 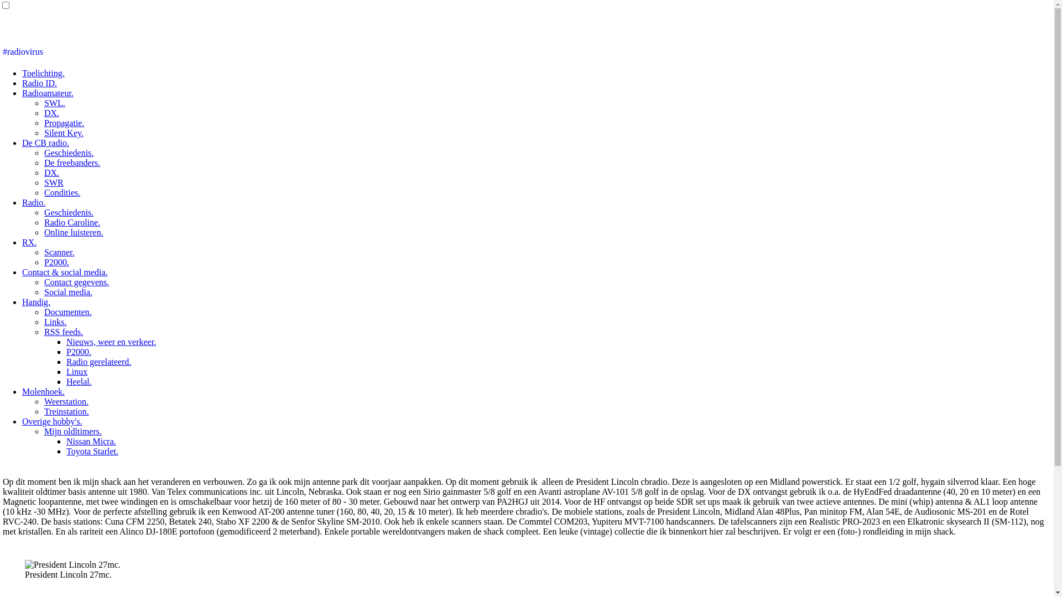 What do you see at coordinates (63, 123) in the screenshot?
I see `'Propagatie.'` at bounding box center [63, 123].